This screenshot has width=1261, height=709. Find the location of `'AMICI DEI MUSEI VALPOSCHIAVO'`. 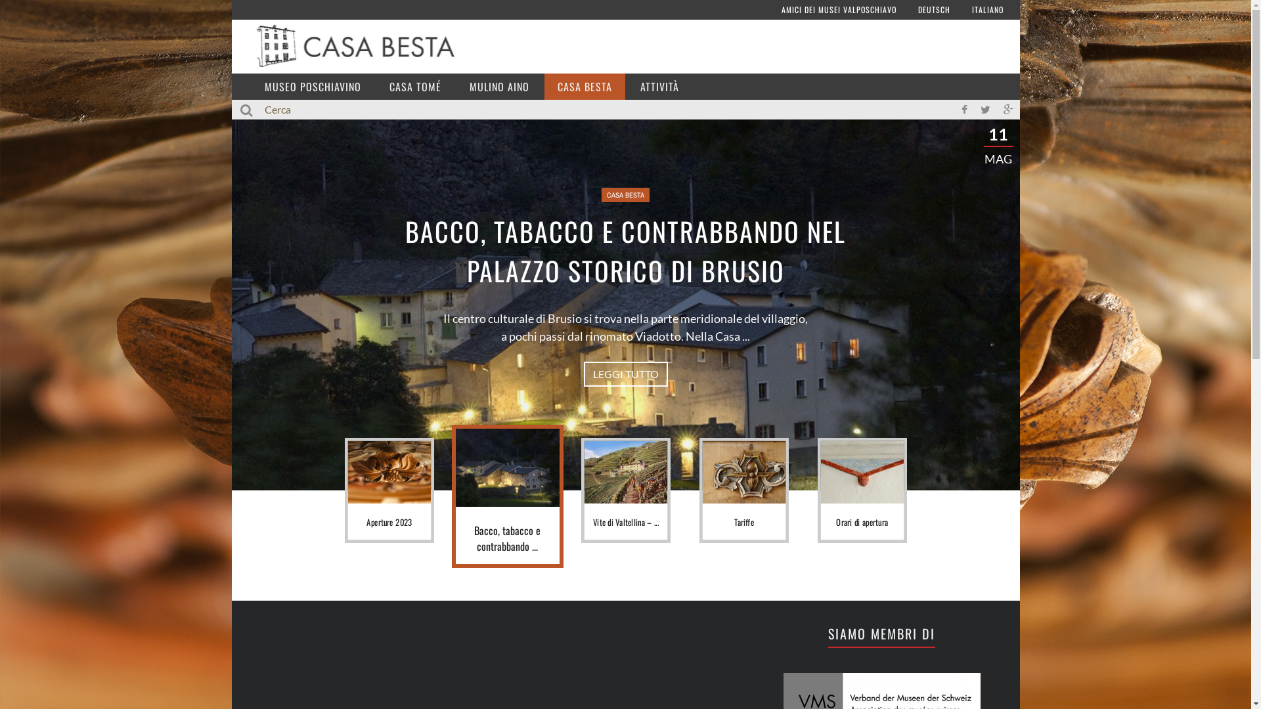

'AMICI DEI MUSEI VALPOSCHIAVO' is located at coordinates (838, 10).